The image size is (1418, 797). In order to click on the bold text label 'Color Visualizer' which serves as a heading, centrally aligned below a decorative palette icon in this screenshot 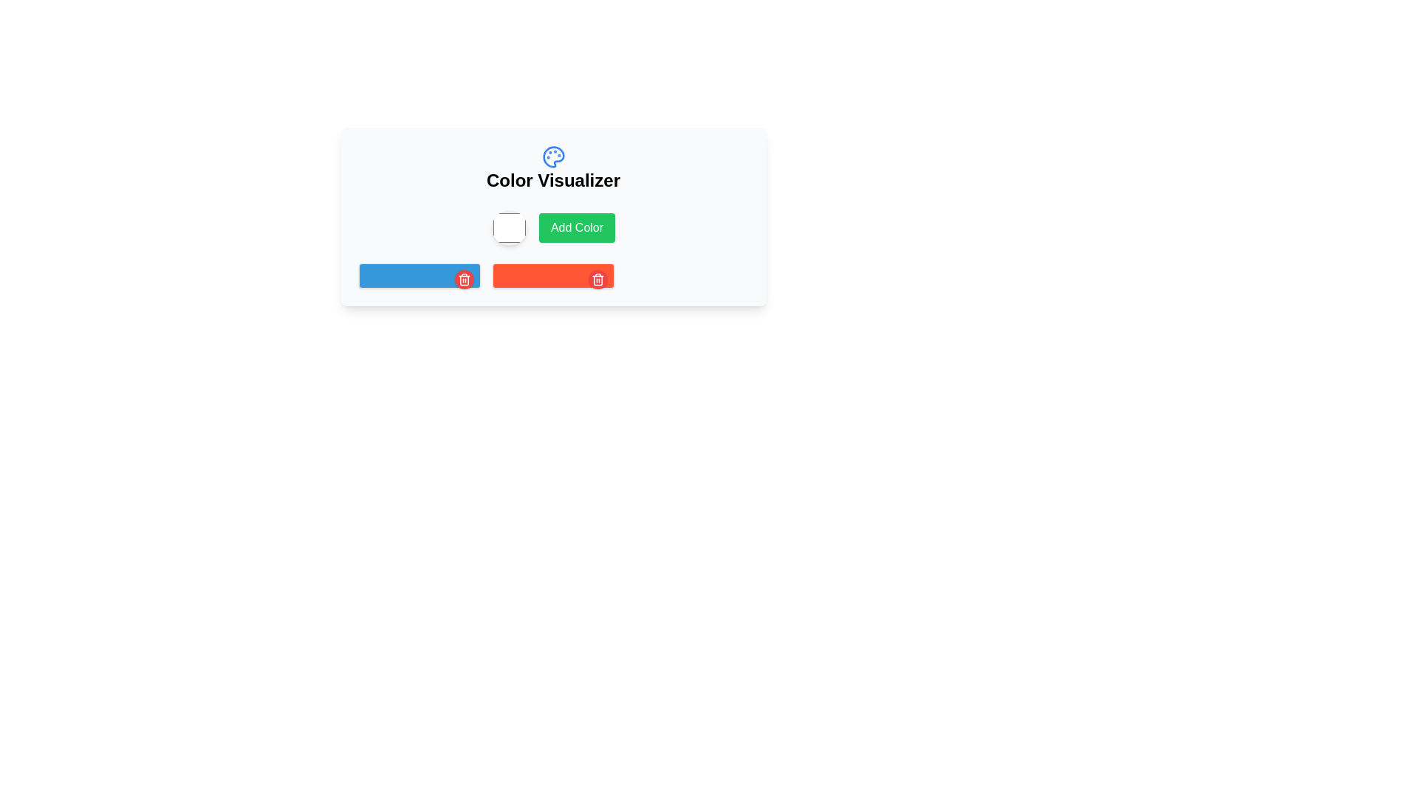, I will do `click(552, 180)`.